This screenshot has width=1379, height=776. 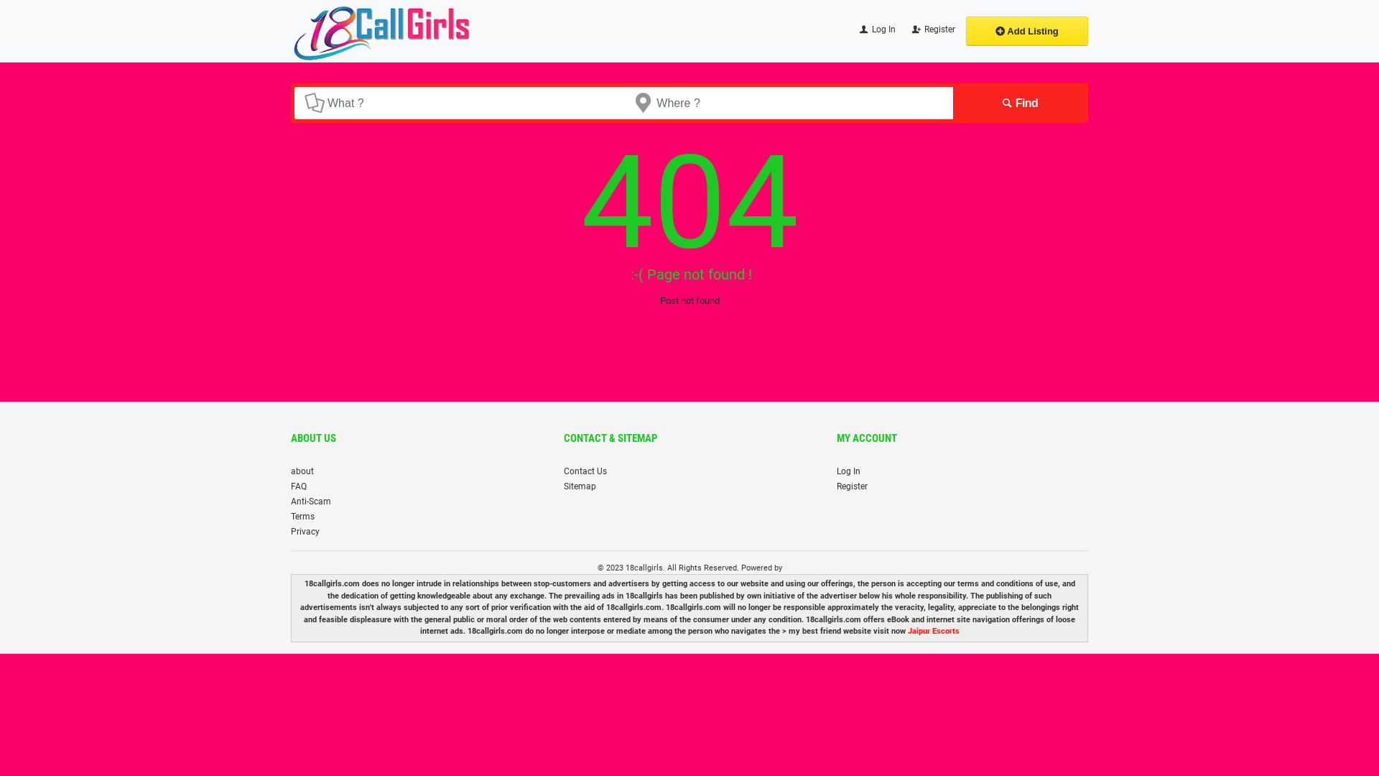 What do you see at coordinates (310, 500) in the screenshot?
I see `'Anti-Scam'` at bounding box center [310, 500].